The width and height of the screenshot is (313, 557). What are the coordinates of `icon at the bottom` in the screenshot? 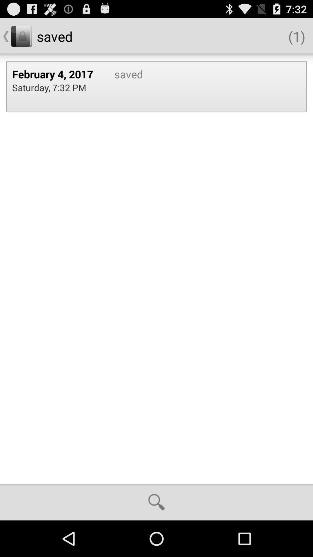 It's located at (156, 502).